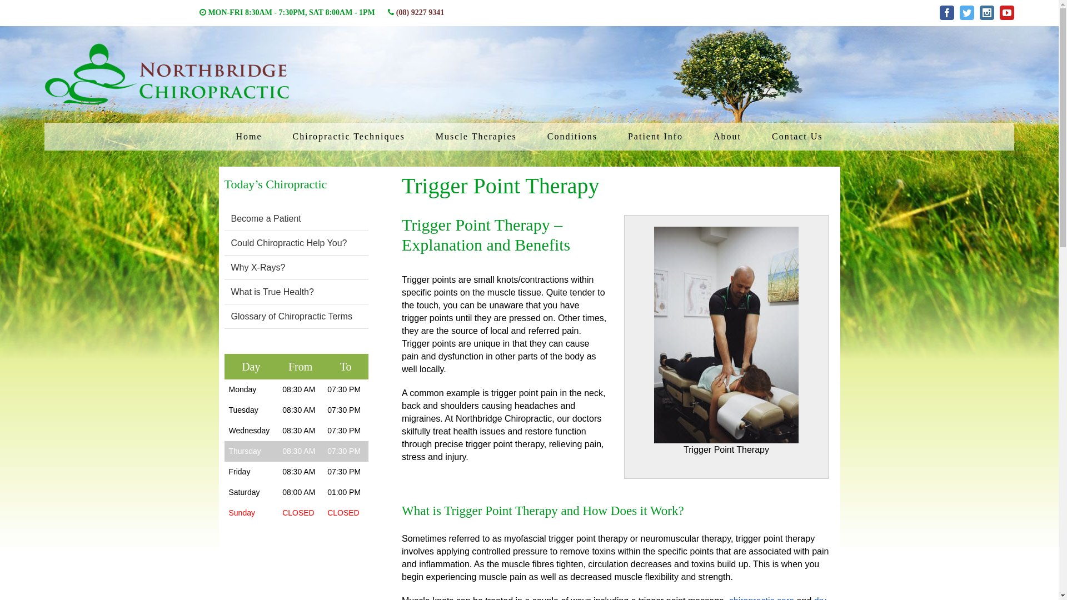 This screenshot has width=1067, height=600. I want to click on 'Become a Patient', so click(231, 218).